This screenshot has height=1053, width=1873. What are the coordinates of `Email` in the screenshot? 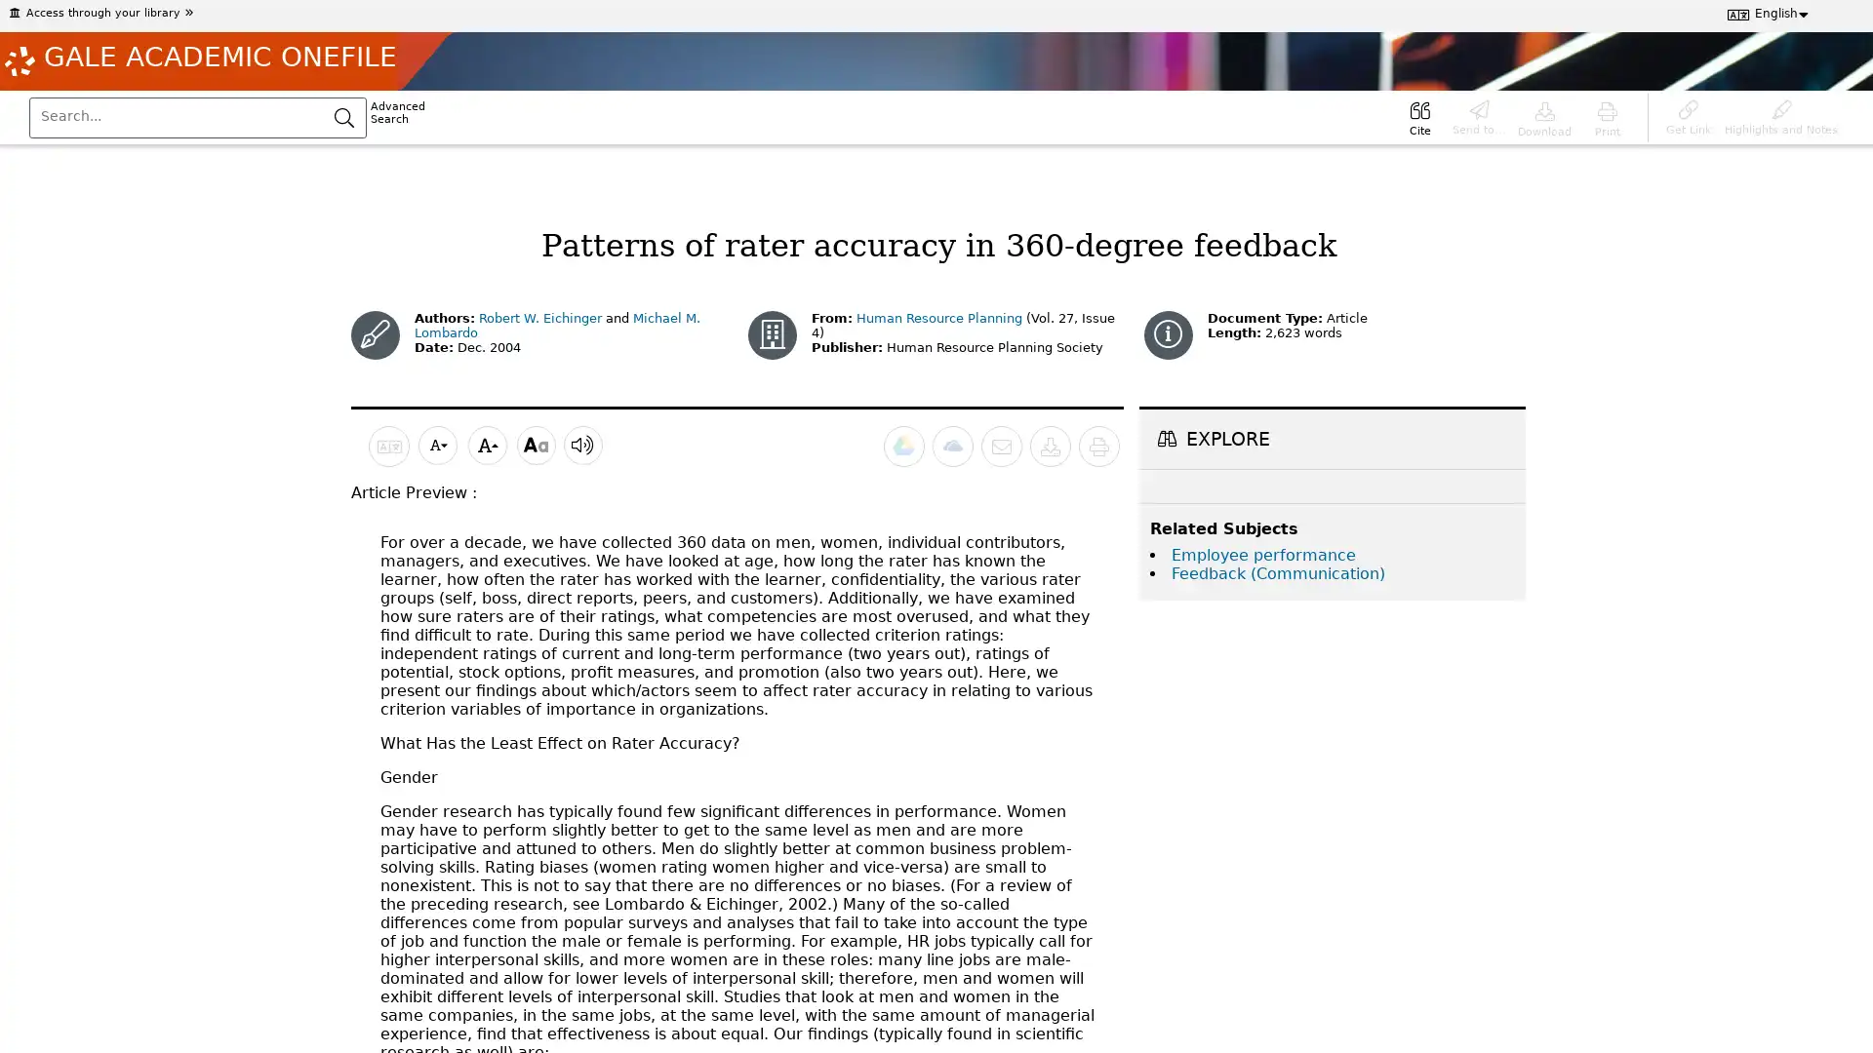 It's located at (1002, 447).